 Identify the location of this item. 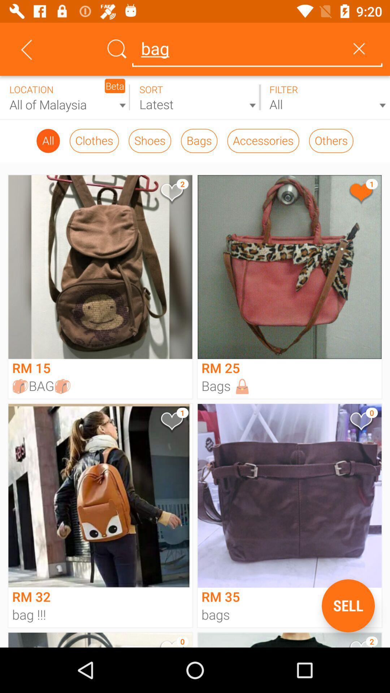
(171, 194).